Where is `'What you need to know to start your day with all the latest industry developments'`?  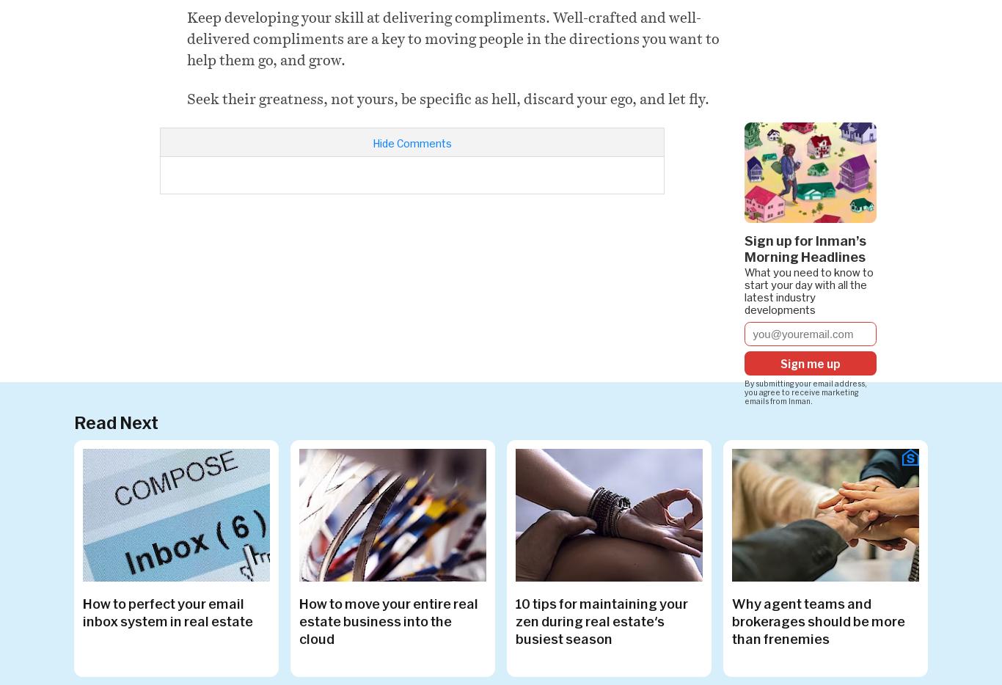 'What you need to know to start your day with all the latest industry developments' is located at coordinates (808, 290).